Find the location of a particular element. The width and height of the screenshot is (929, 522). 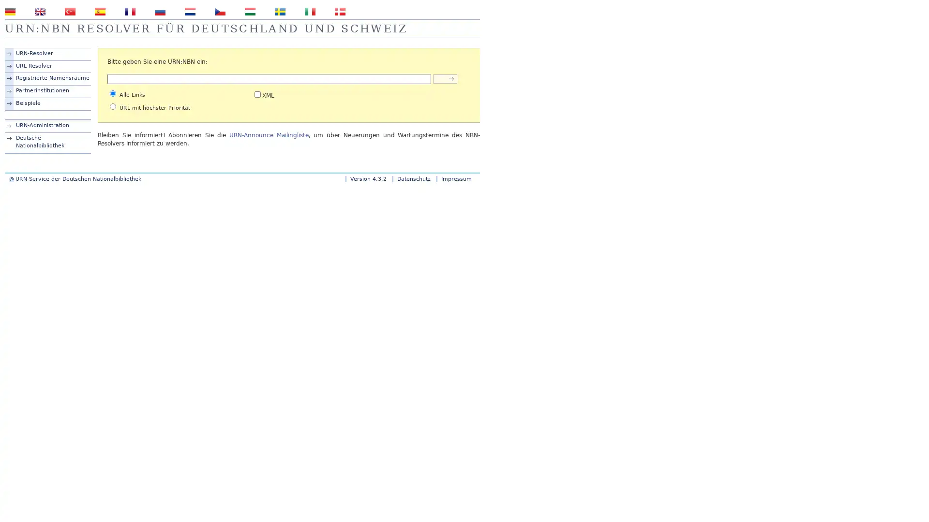

it is located at coordinates (310, 11).